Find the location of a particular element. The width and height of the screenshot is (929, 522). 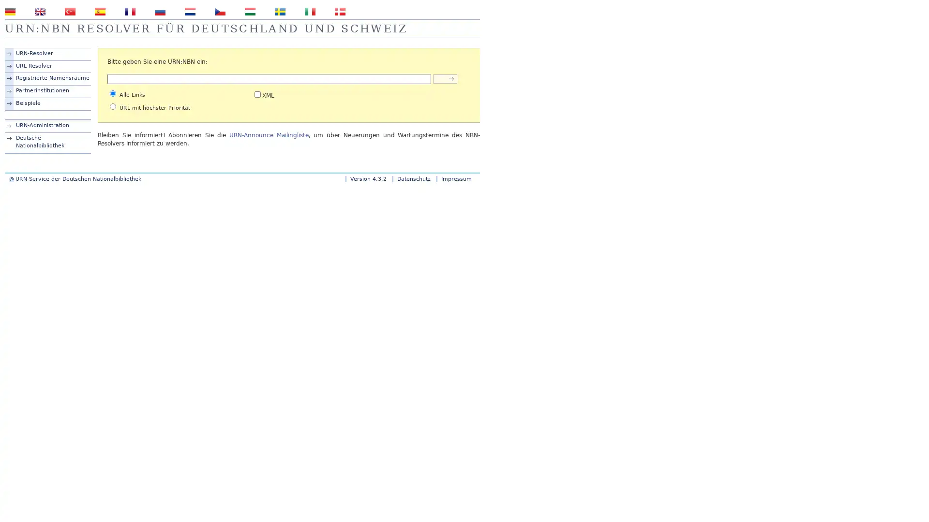

it is located at coordinates (310, 11).